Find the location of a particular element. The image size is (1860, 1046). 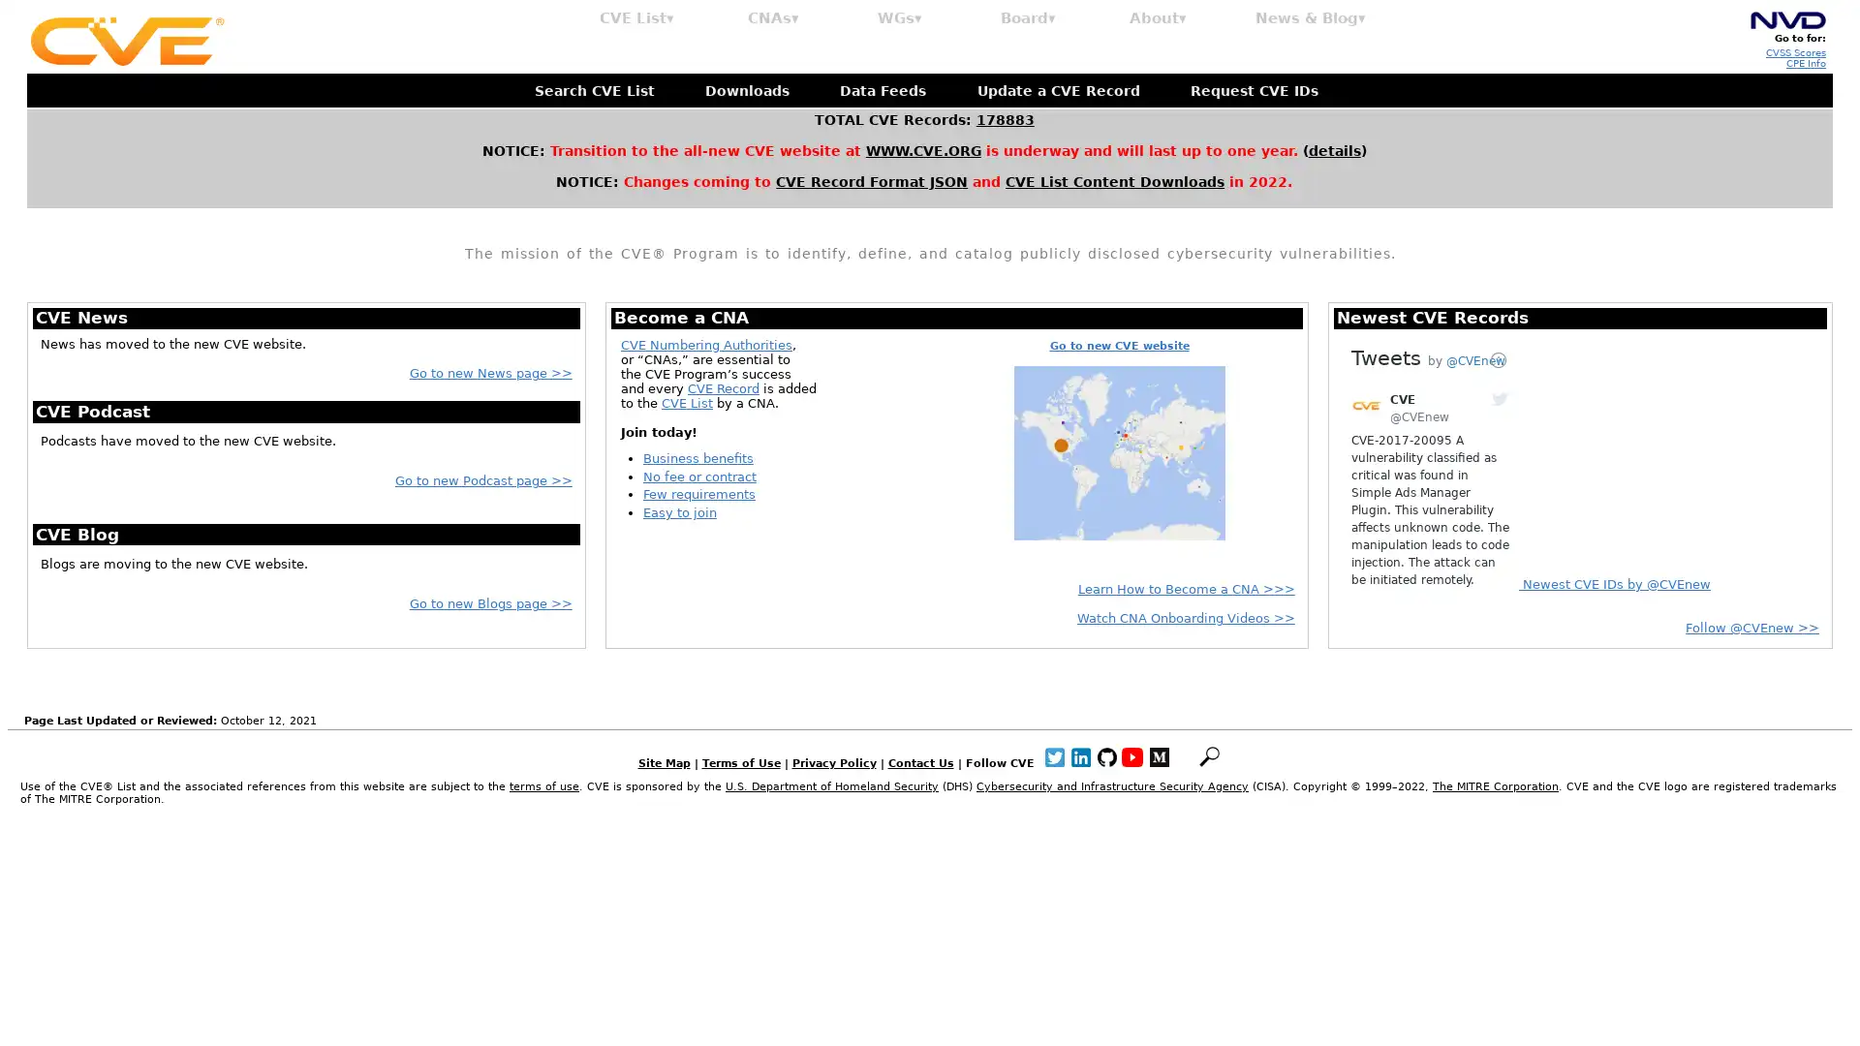

About is located at coordinates (1158, 18).